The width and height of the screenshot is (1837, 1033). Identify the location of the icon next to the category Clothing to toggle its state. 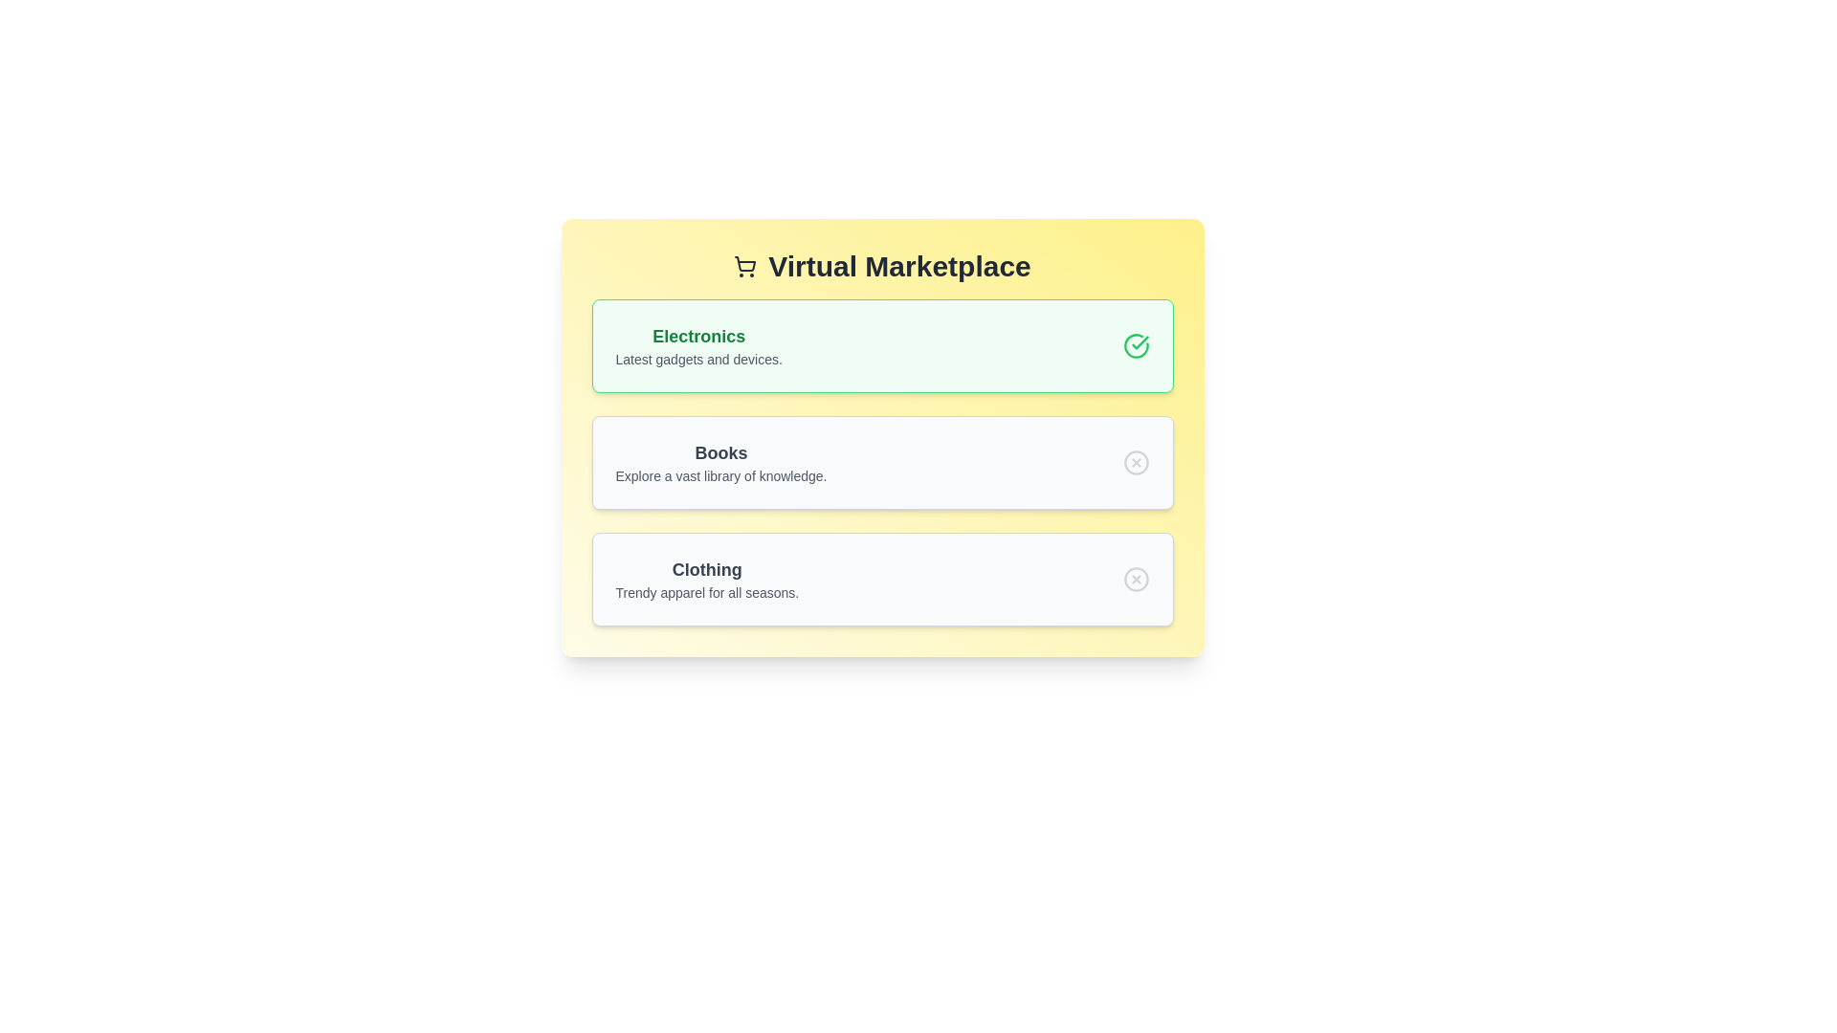
(1136, 578).